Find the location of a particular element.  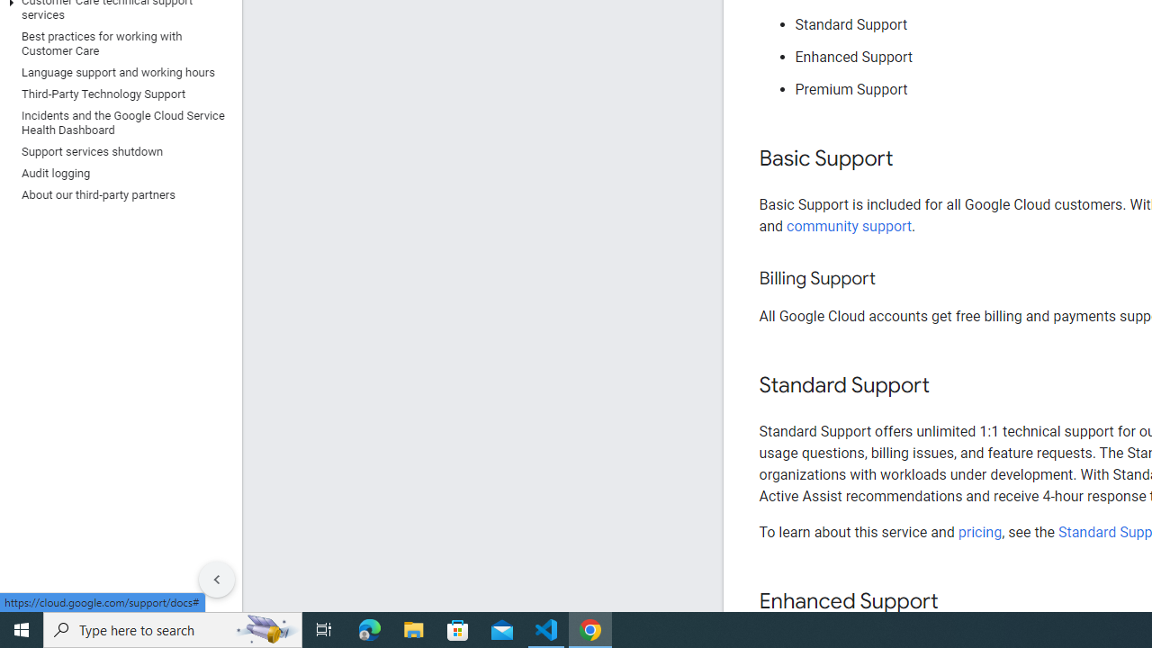

'Support services shutdown' is located at coordinates (116, 150).